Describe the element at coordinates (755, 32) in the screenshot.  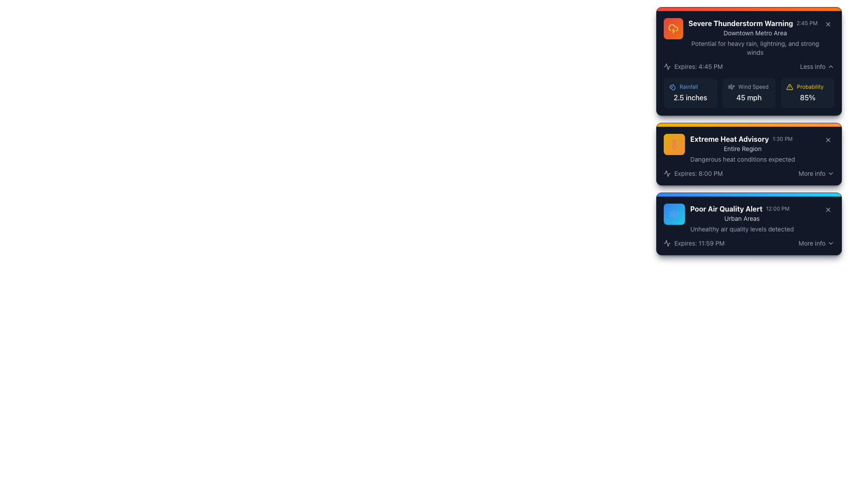
I see `the text label 'Downtown Metro Area' located within the 'Severe Thunderstorm Warning' card, which provides context about the weather alert` at that location.